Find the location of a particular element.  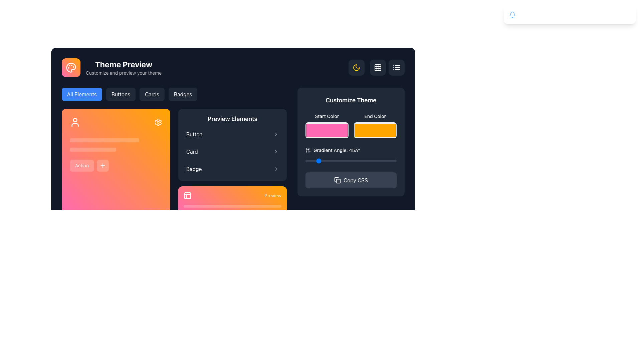

the slider is located at coordinates (80, 140).